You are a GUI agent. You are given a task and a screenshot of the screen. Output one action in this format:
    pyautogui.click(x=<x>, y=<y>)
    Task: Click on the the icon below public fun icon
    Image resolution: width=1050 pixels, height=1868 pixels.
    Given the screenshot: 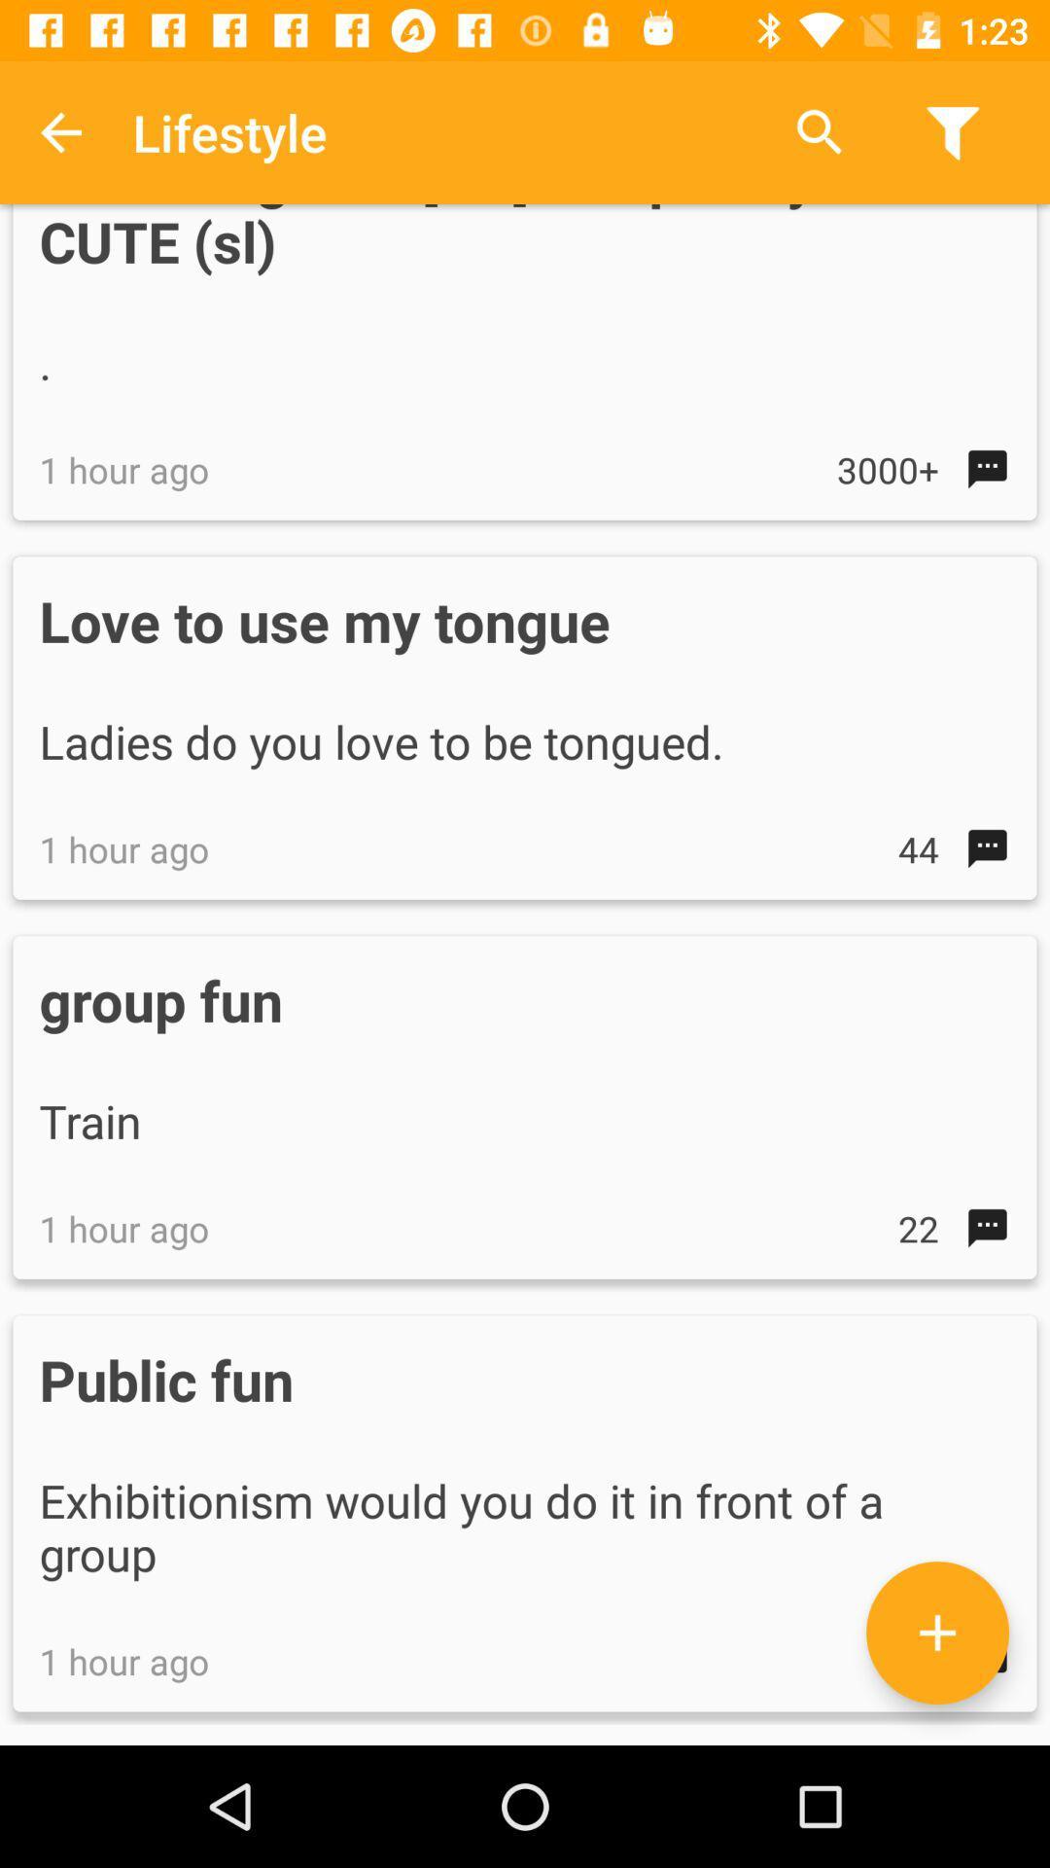 What is the action you would take?
    pyautogui.click(x=936, y=1633)
    